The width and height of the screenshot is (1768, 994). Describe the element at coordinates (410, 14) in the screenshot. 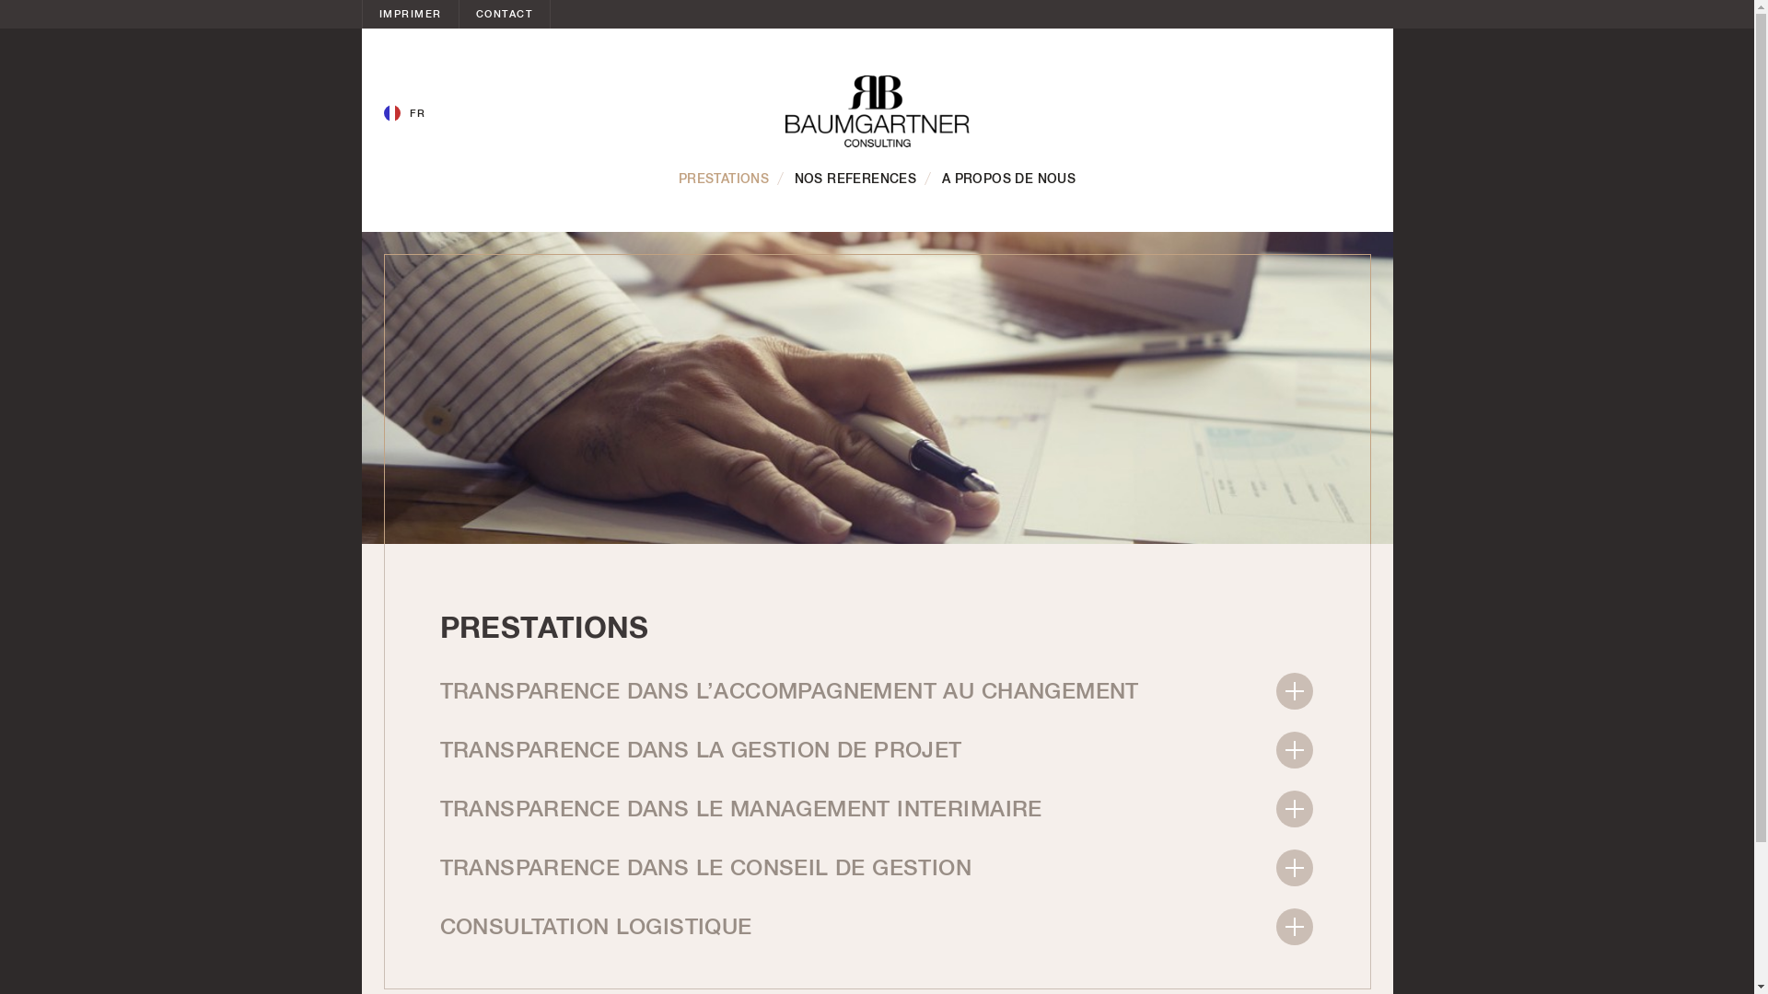

I see `'IMPRIMER'` at that location.